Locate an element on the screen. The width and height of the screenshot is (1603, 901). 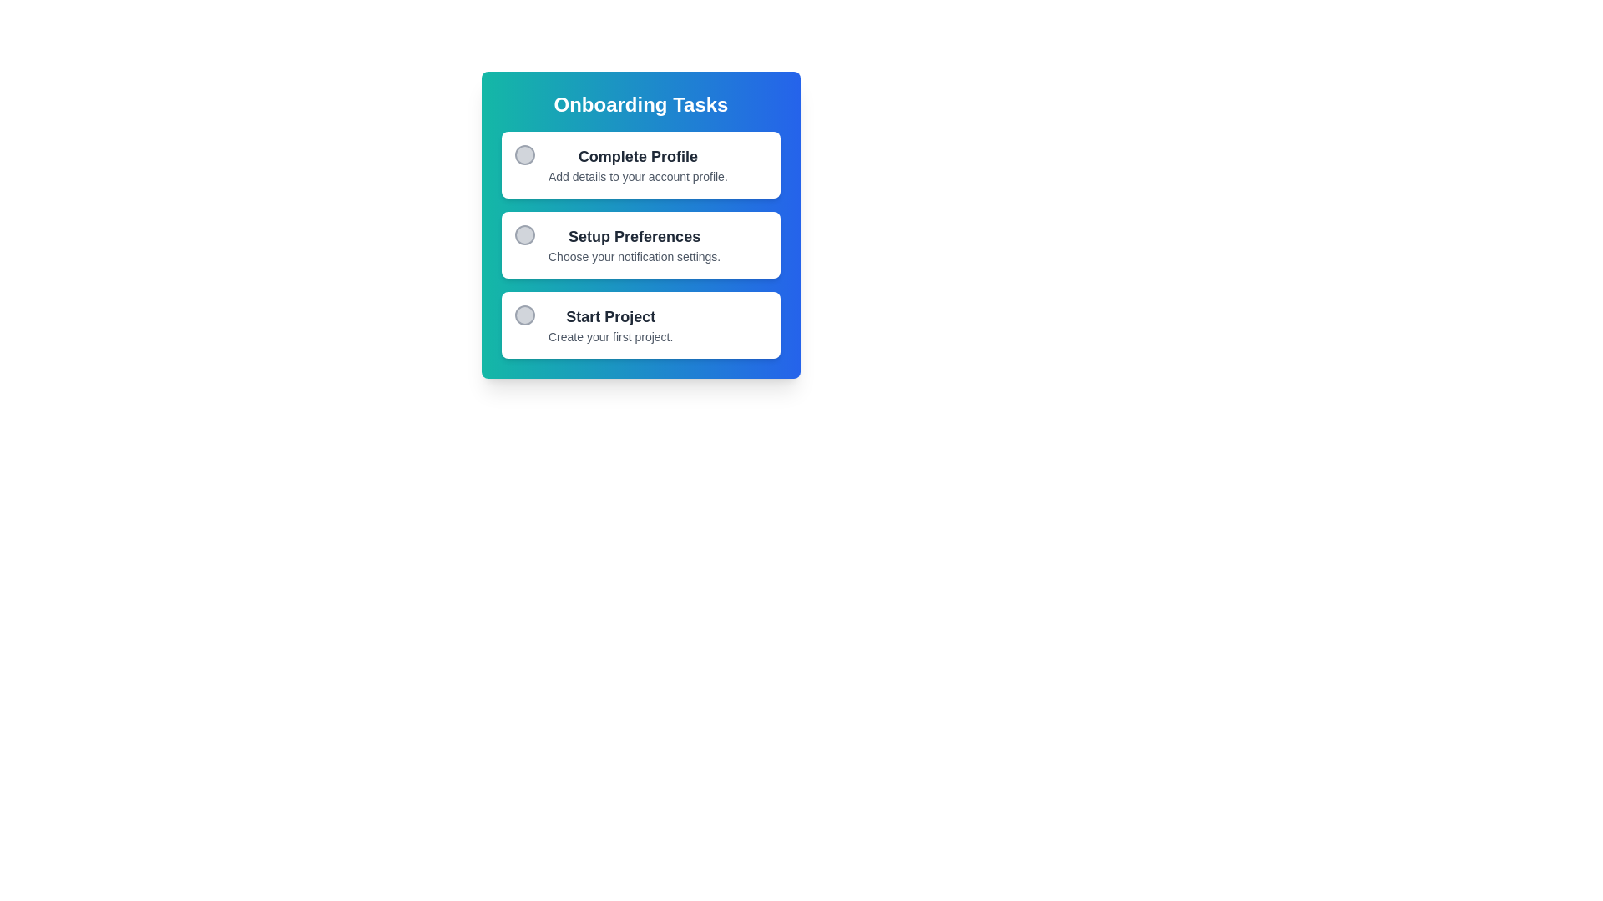
the text label displaying 'Start Project', which indicates an action item in the onboarding process and is located on the third row of the onboarding tasks is located at coordinates (609, 317).